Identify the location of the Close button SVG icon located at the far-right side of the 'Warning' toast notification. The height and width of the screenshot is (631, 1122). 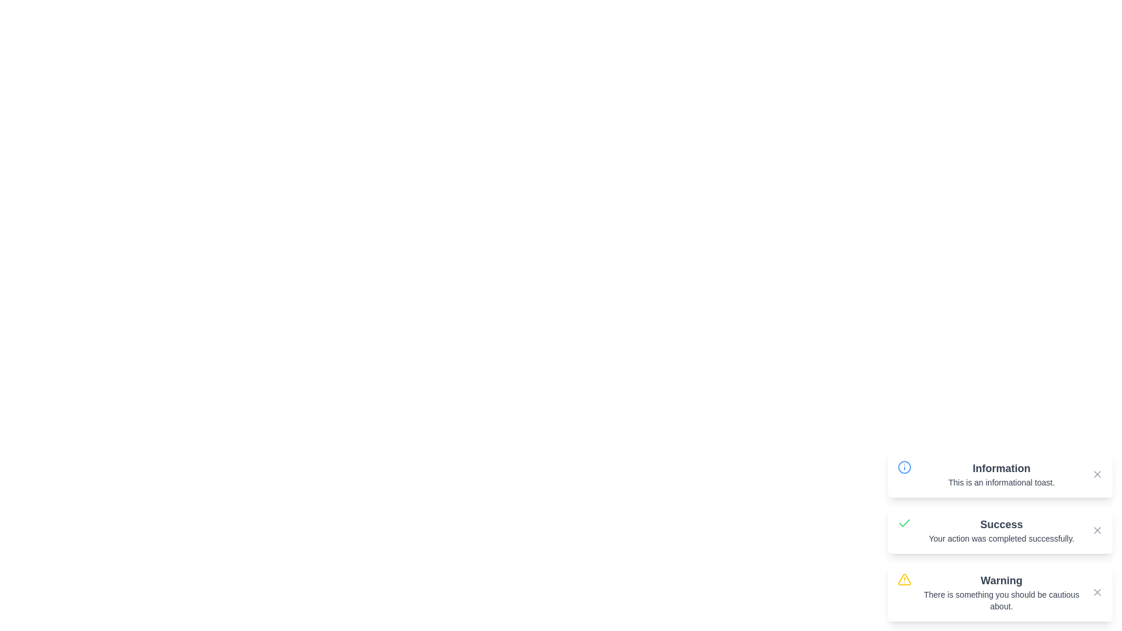
(1096, 592).